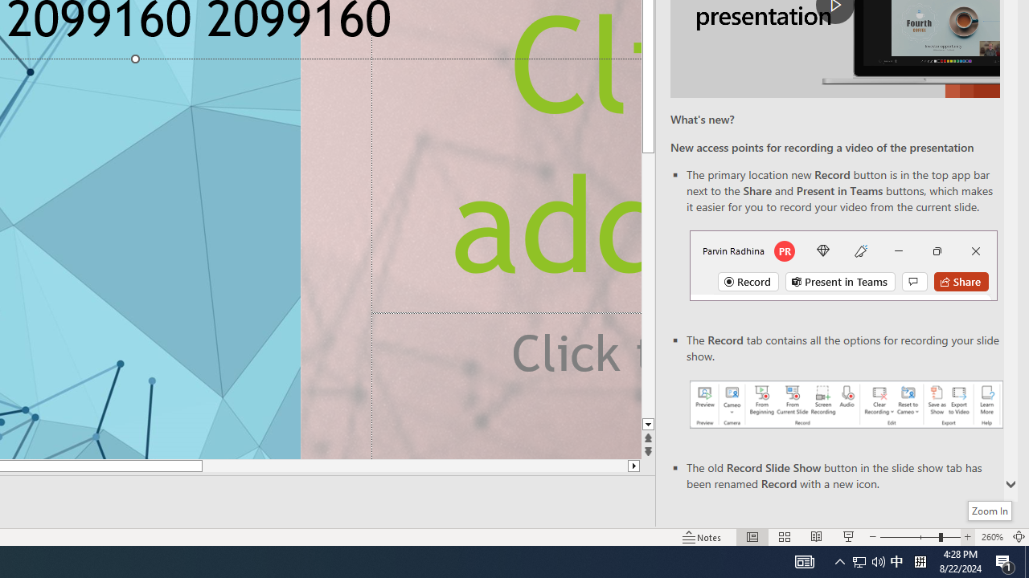  Describe the element at coordinates (752, 537) in the screenshot. I see `'Normal'` at that location.